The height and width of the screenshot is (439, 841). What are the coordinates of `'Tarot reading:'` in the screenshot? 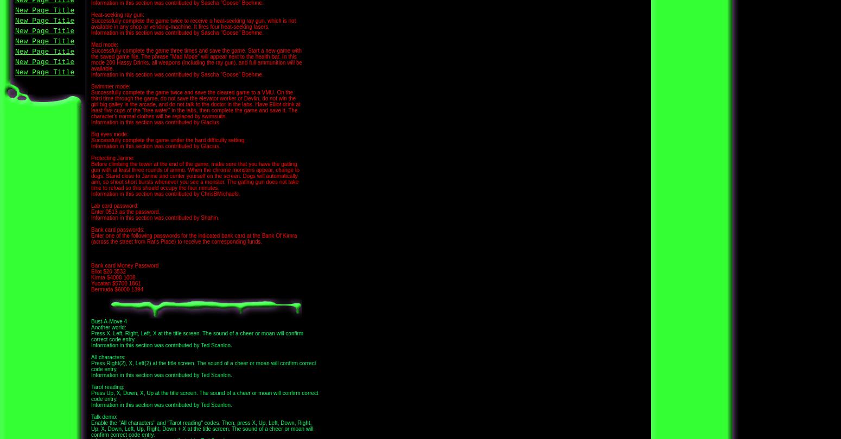 It's located at (91, 386).